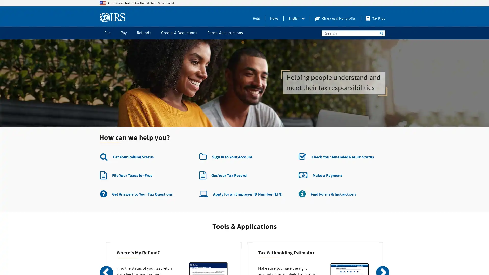 This screenshot has width=489, height=275. I want to click on Press enter to activate the menu, then navigate with the tab key., so click(297, 18).